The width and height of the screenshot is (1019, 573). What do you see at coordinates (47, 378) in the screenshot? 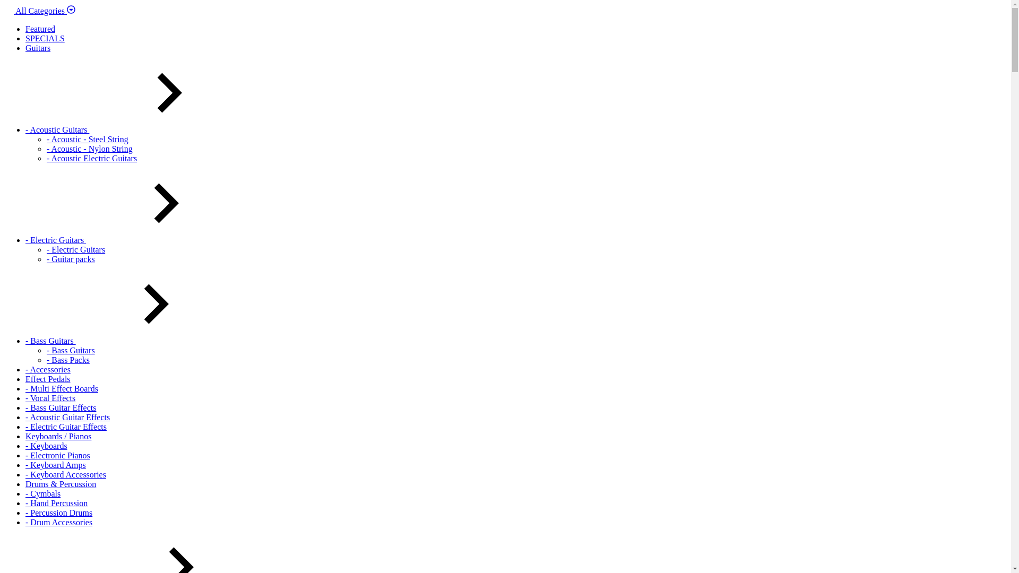
I see `'Effect Pedals'` at bounding box center [47, 378].